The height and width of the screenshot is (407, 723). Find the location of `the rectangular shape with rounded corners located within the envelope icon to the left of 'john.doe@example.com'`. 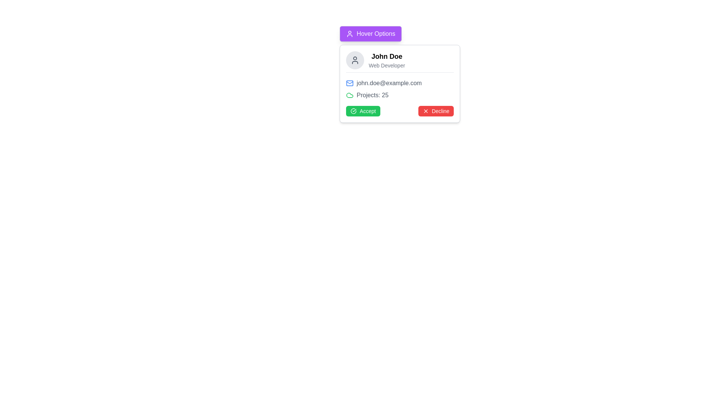

the rectangular shape with rounded corners located within the envelope icon to the left of 'john.doe@example.com' is located at coordinates (349, 83).